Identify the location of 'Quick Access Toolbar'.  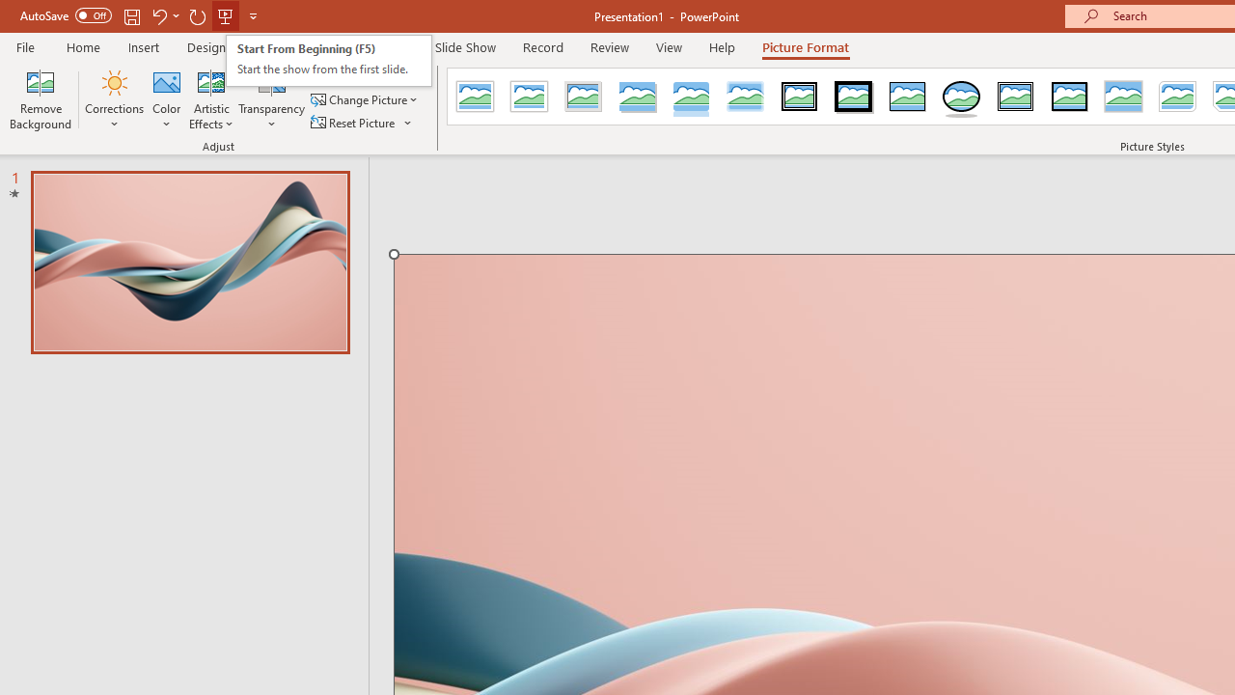
(139, 15).